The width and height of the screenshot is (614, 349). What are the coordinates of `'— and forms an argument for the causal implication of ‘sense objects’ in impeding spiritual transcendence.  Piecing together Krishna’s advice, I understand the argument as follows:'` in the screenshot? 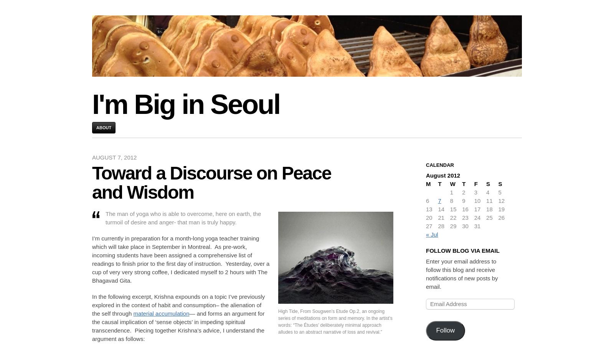 It's located at (178, 326).